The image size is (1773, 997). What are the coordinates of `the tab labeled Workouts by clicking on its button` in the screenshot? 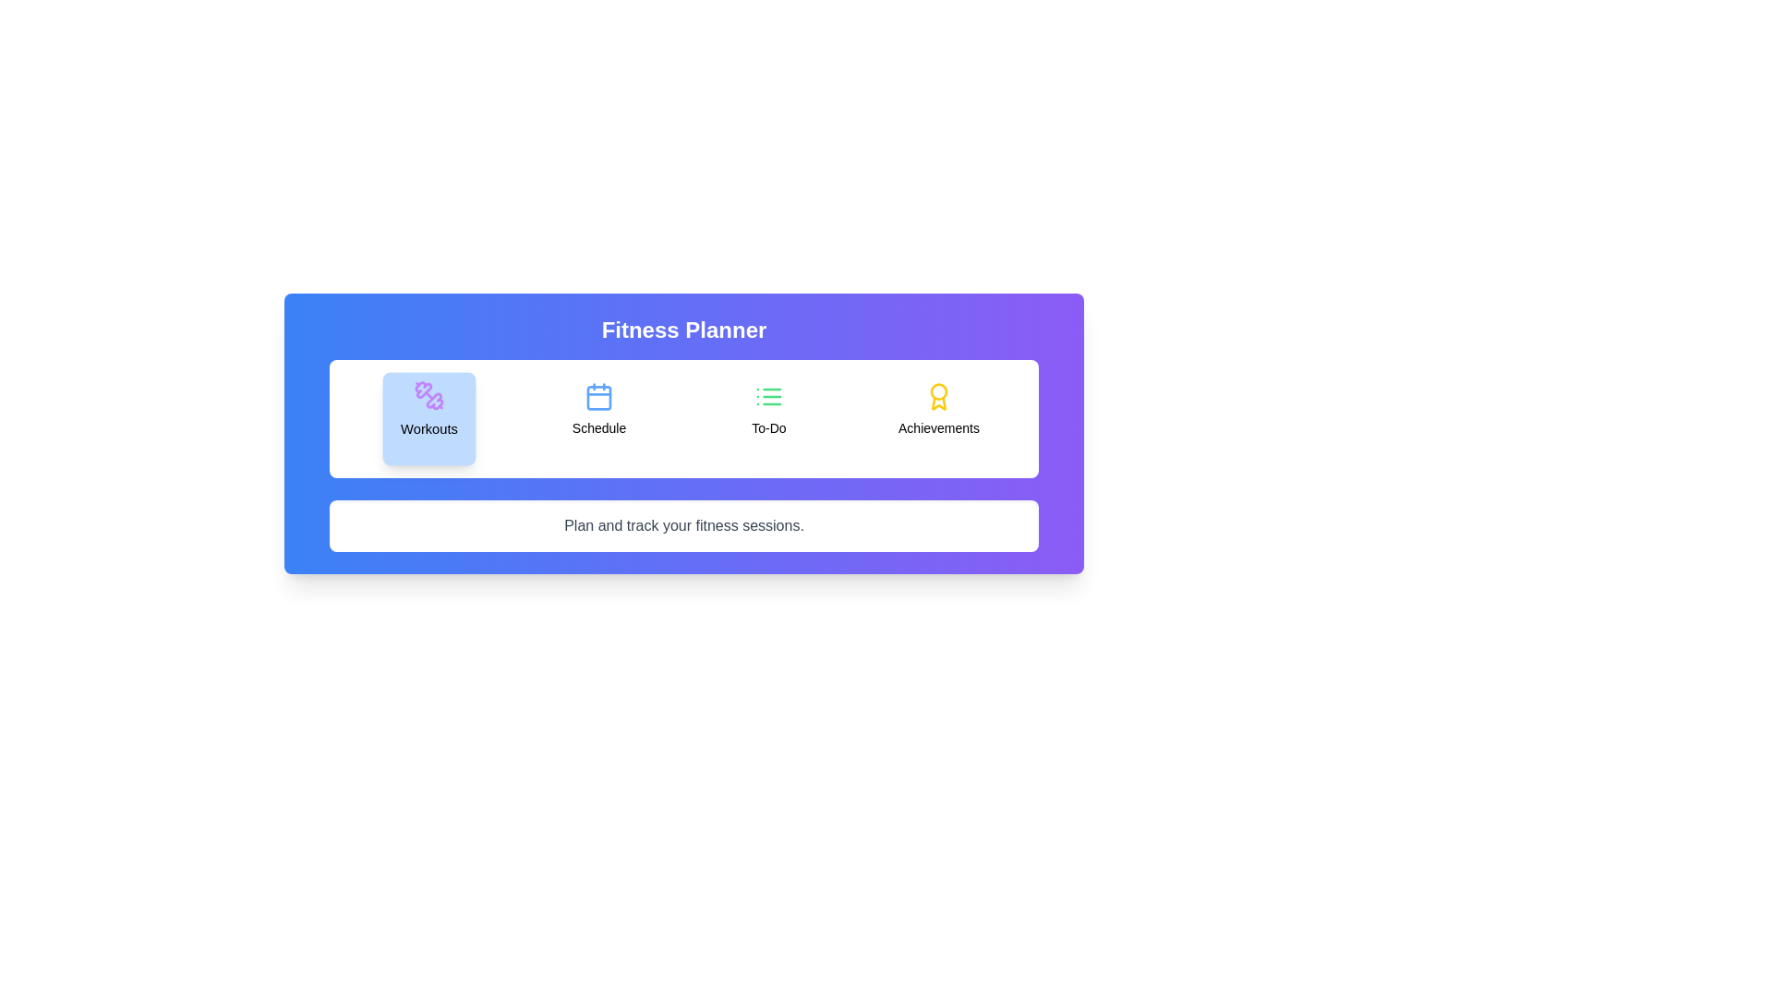 It's located at (428, 419).